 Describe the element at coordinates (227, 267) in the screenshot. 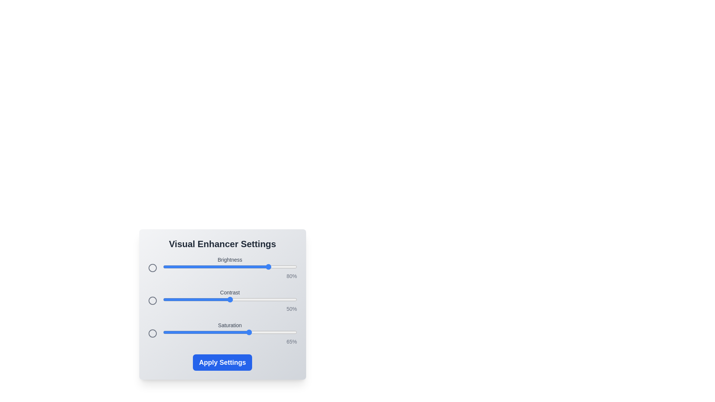

I see `the 0 slider to 48%` at that location.